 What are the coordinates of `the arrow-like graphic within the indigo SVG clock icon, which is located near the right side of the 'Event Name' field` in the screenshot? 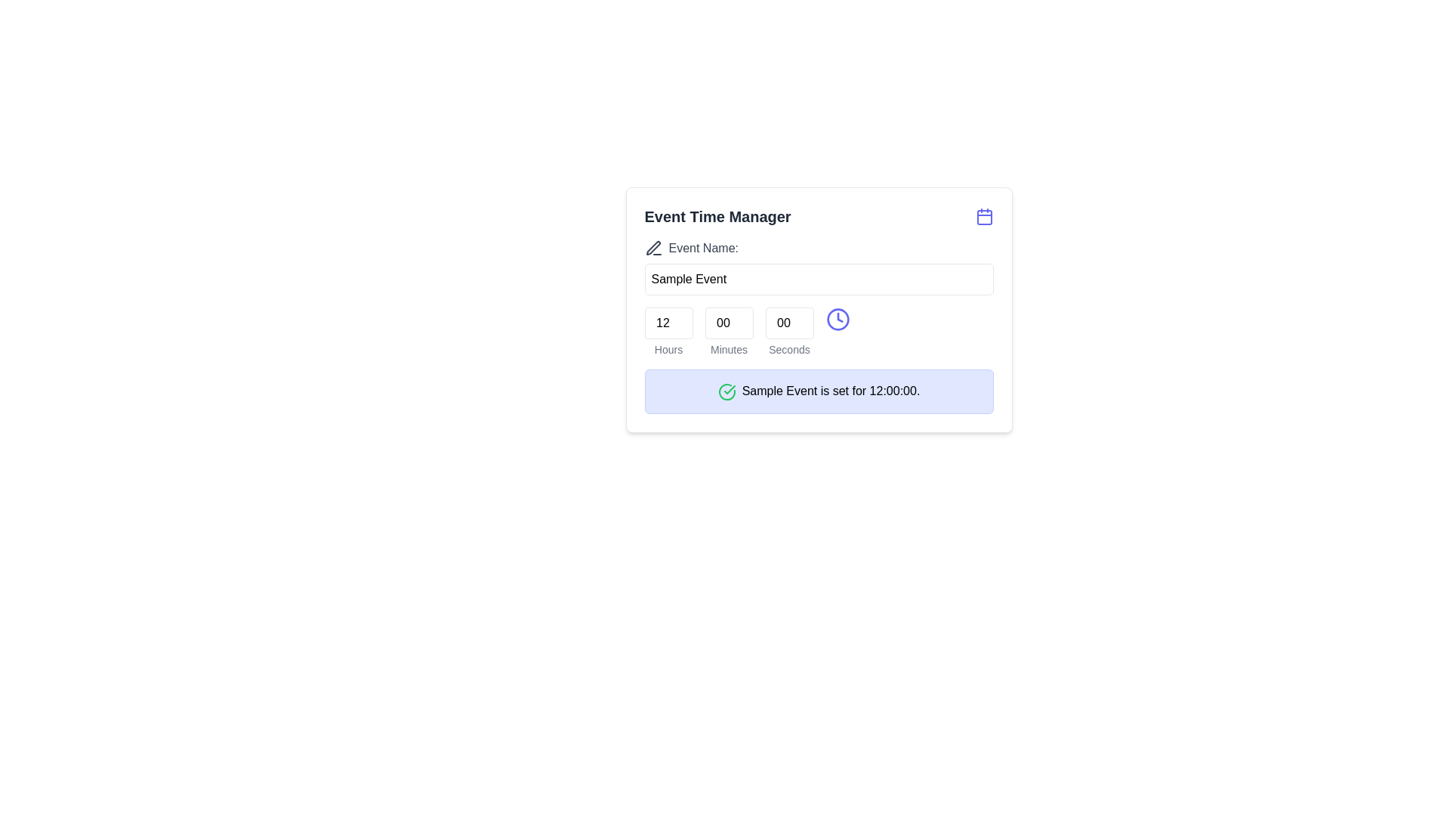 It's located at (839, 317).